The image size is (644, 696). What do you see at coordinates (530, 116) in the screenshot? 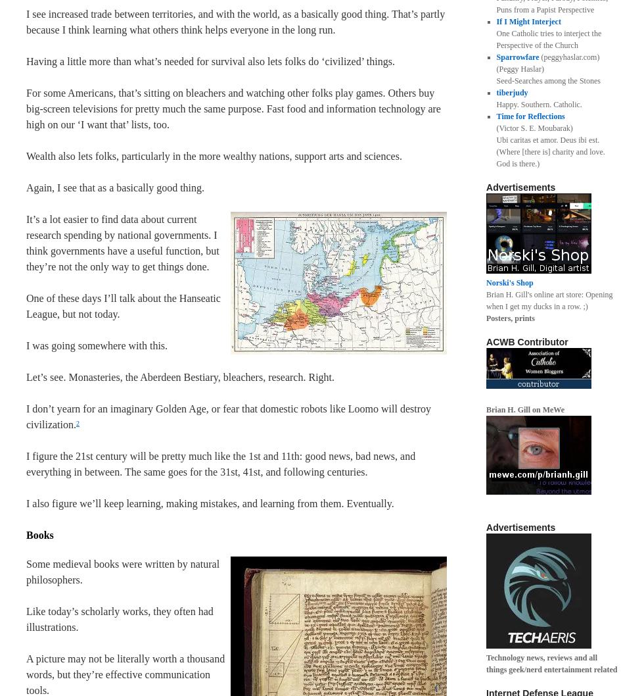
I see `'Time for Reflections'` at bounding box center [530, 116].